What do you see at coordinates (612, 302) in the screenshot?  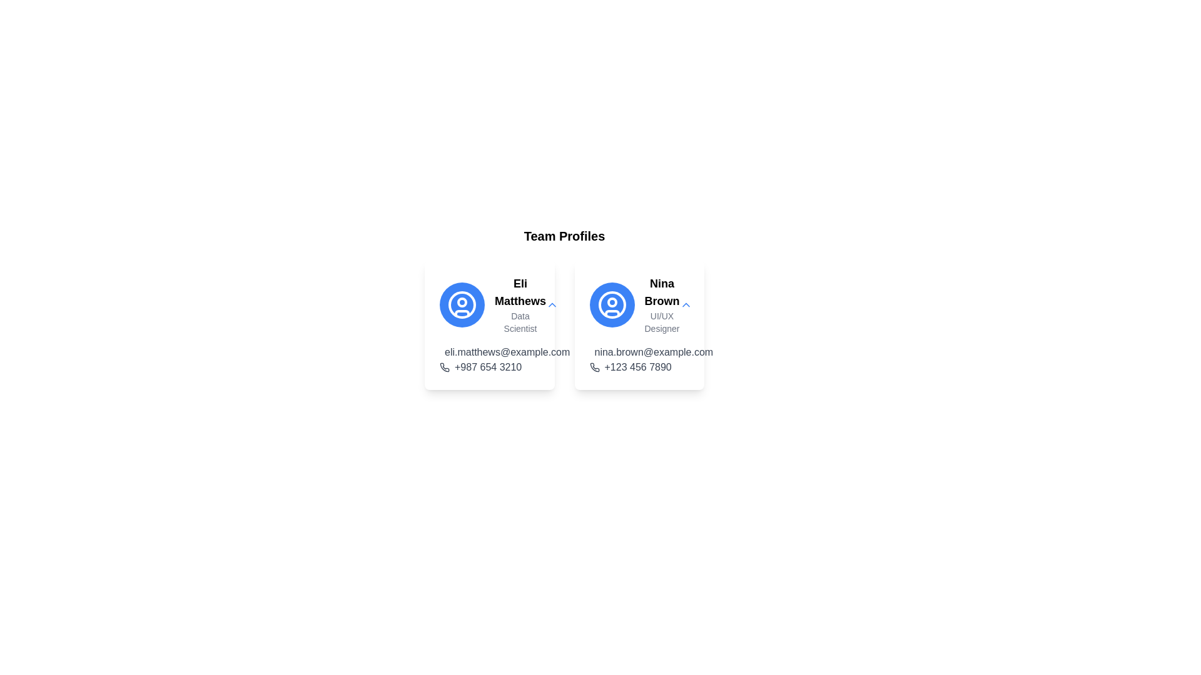 I see `the inner circular component of the SVG icon located at the top-center of the enclosing circle in the user profile section` at bounding box center [612, 302].